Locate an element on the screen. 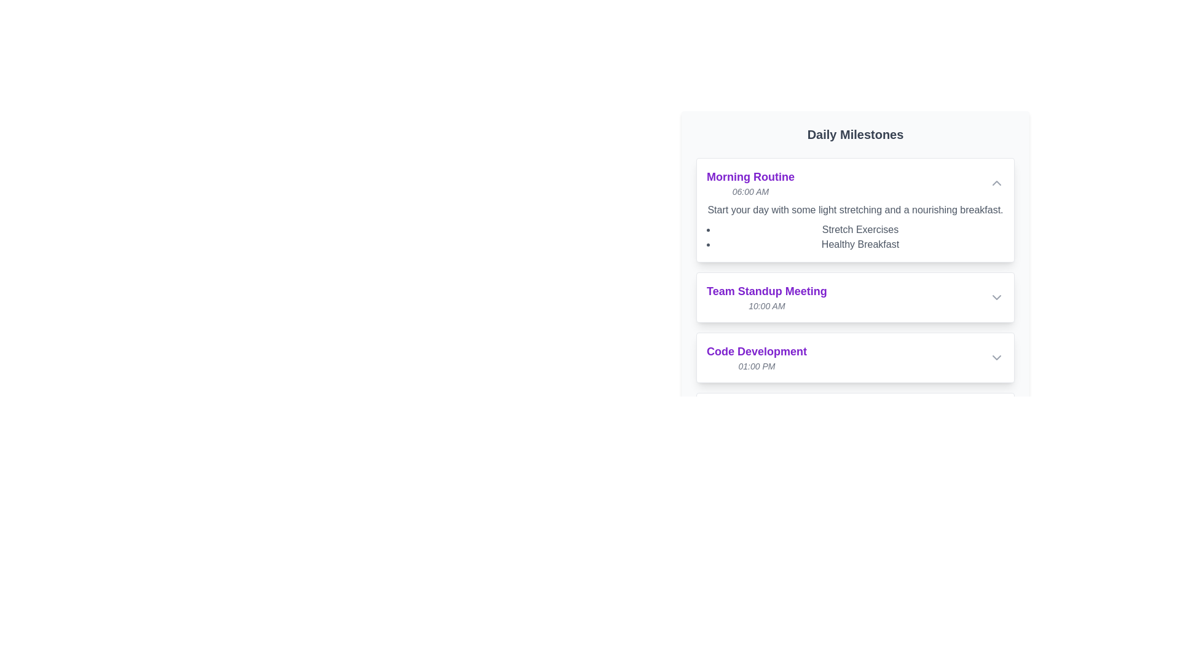 The height and width of the screenshot is (664, 1180). the third List Card element in the 'Daily Milestones' section is located at coordinates (855, 358).